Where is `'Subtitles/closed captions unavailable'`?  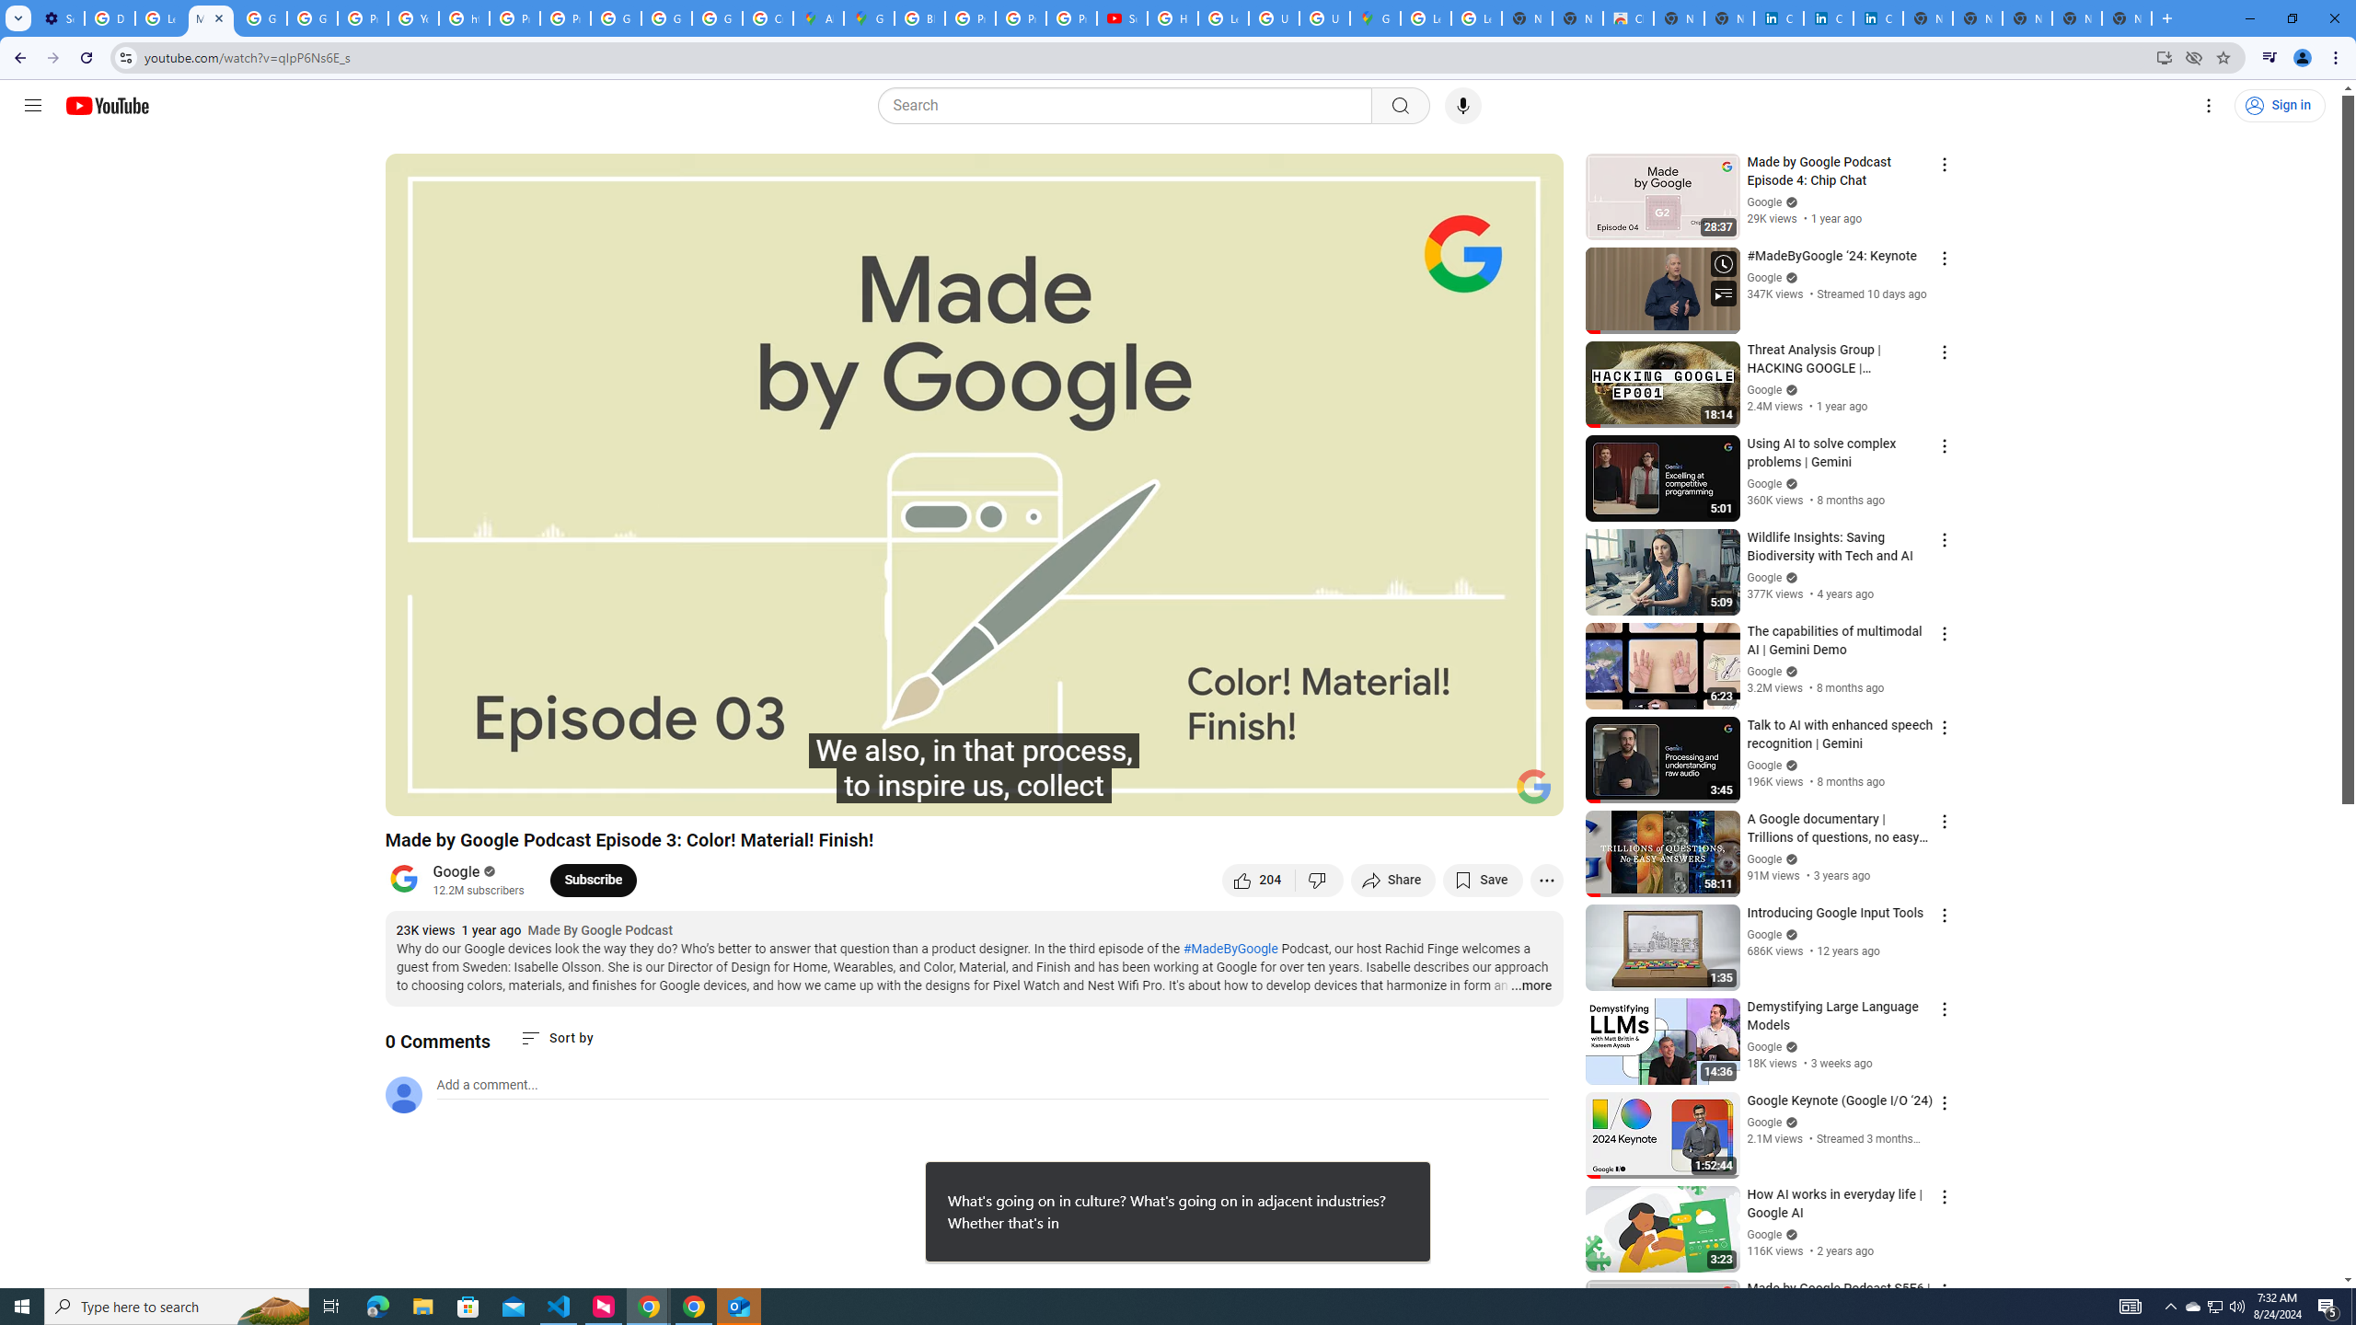 'Subtitles/closed captions unavailable' is located at coordinates (1352, 793).